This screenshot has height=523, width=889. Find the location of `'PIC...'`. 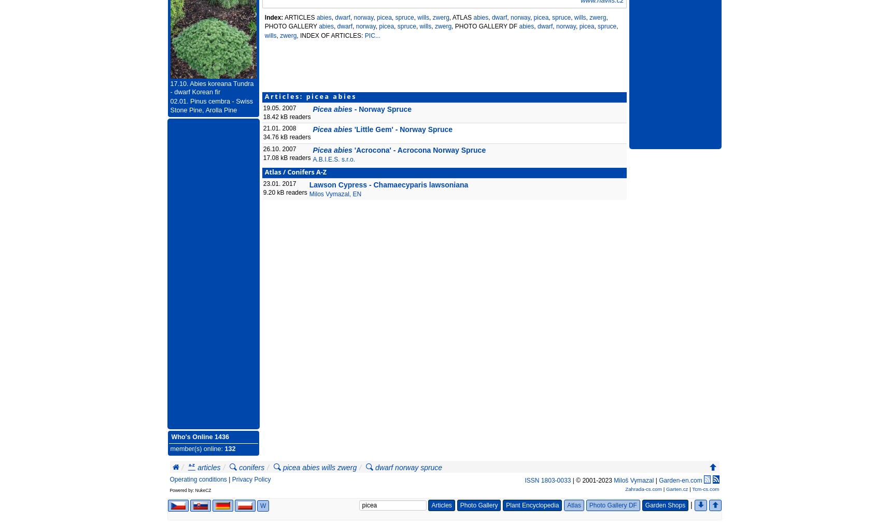

'PIC...' is located at coordinates (372, 34).